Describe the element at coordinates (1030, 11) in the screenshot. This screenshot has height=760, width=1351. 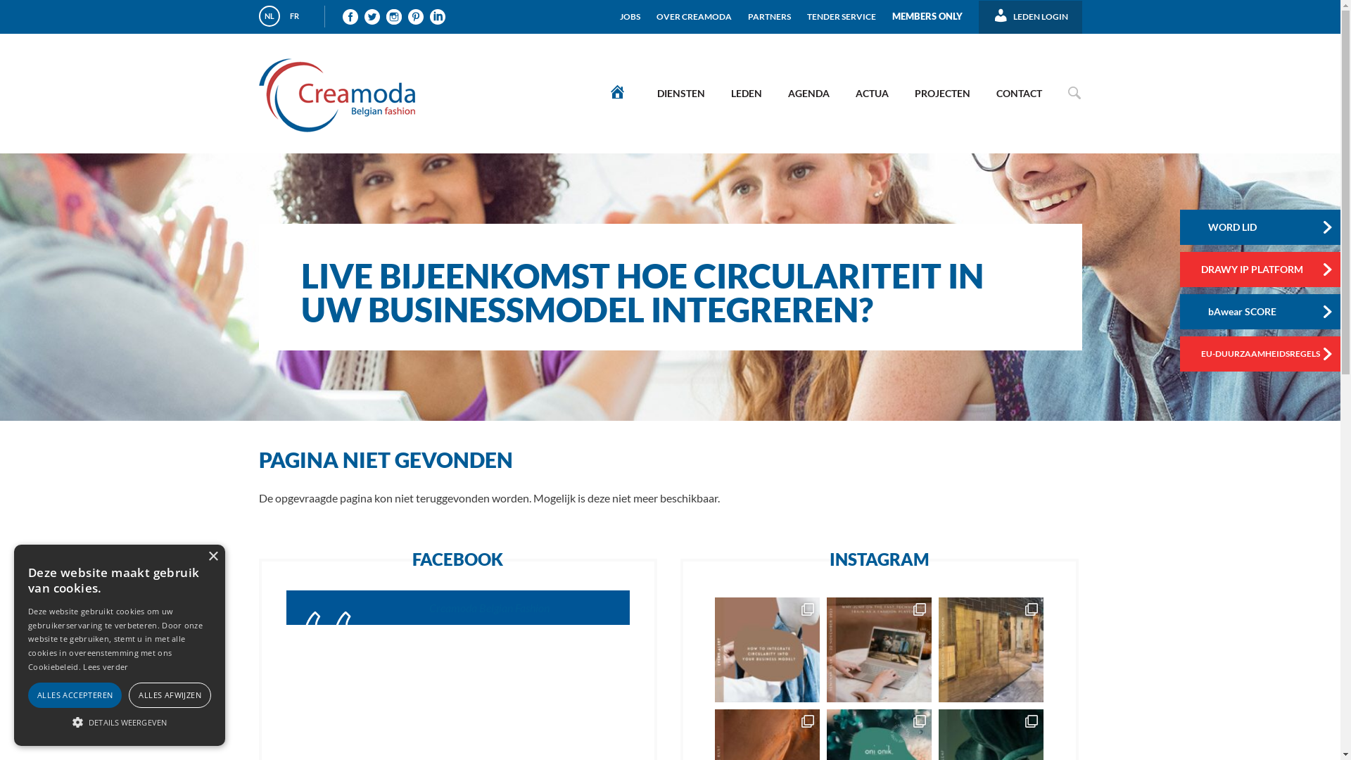
I see `'LEDEN LOGIN'` at that location.